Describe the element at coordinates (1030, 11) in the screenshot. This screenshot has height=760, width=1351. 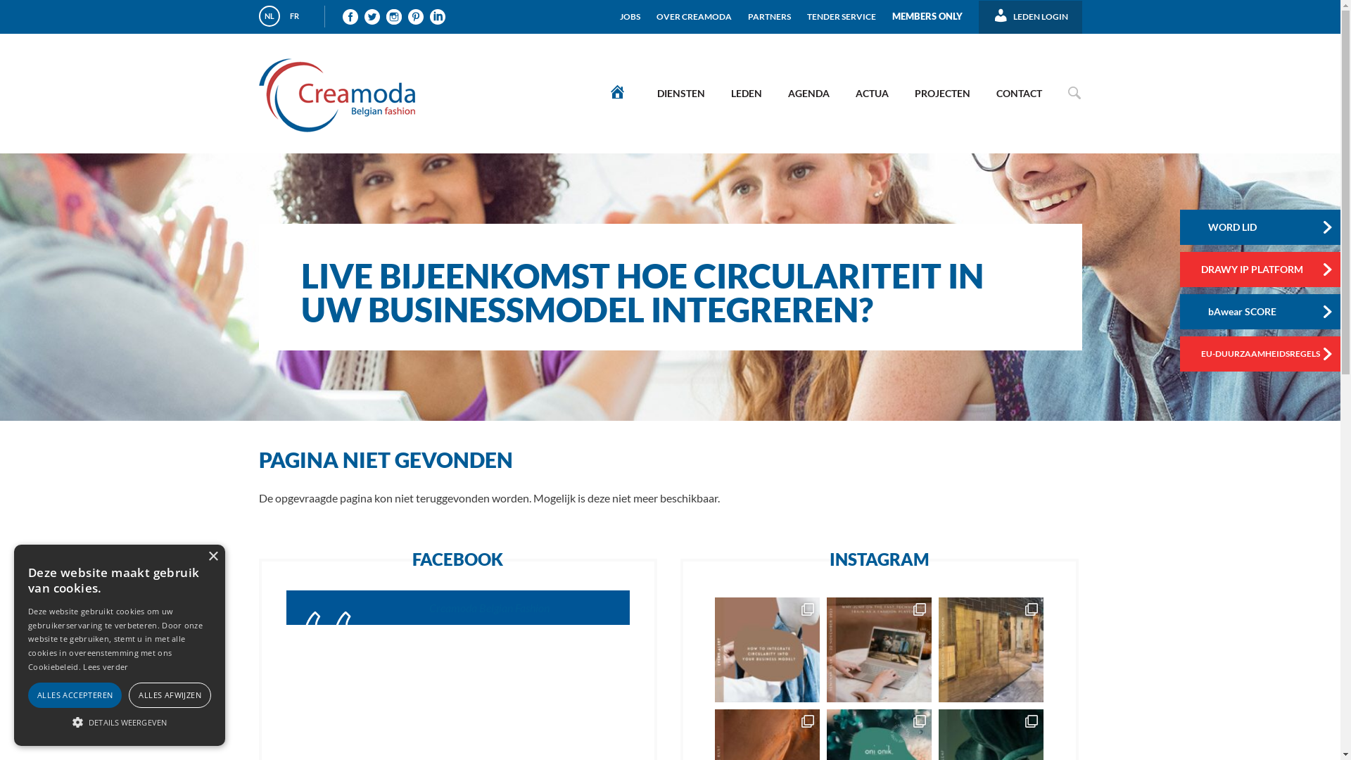
I see `'LEDEN LOGIN'` at that location.